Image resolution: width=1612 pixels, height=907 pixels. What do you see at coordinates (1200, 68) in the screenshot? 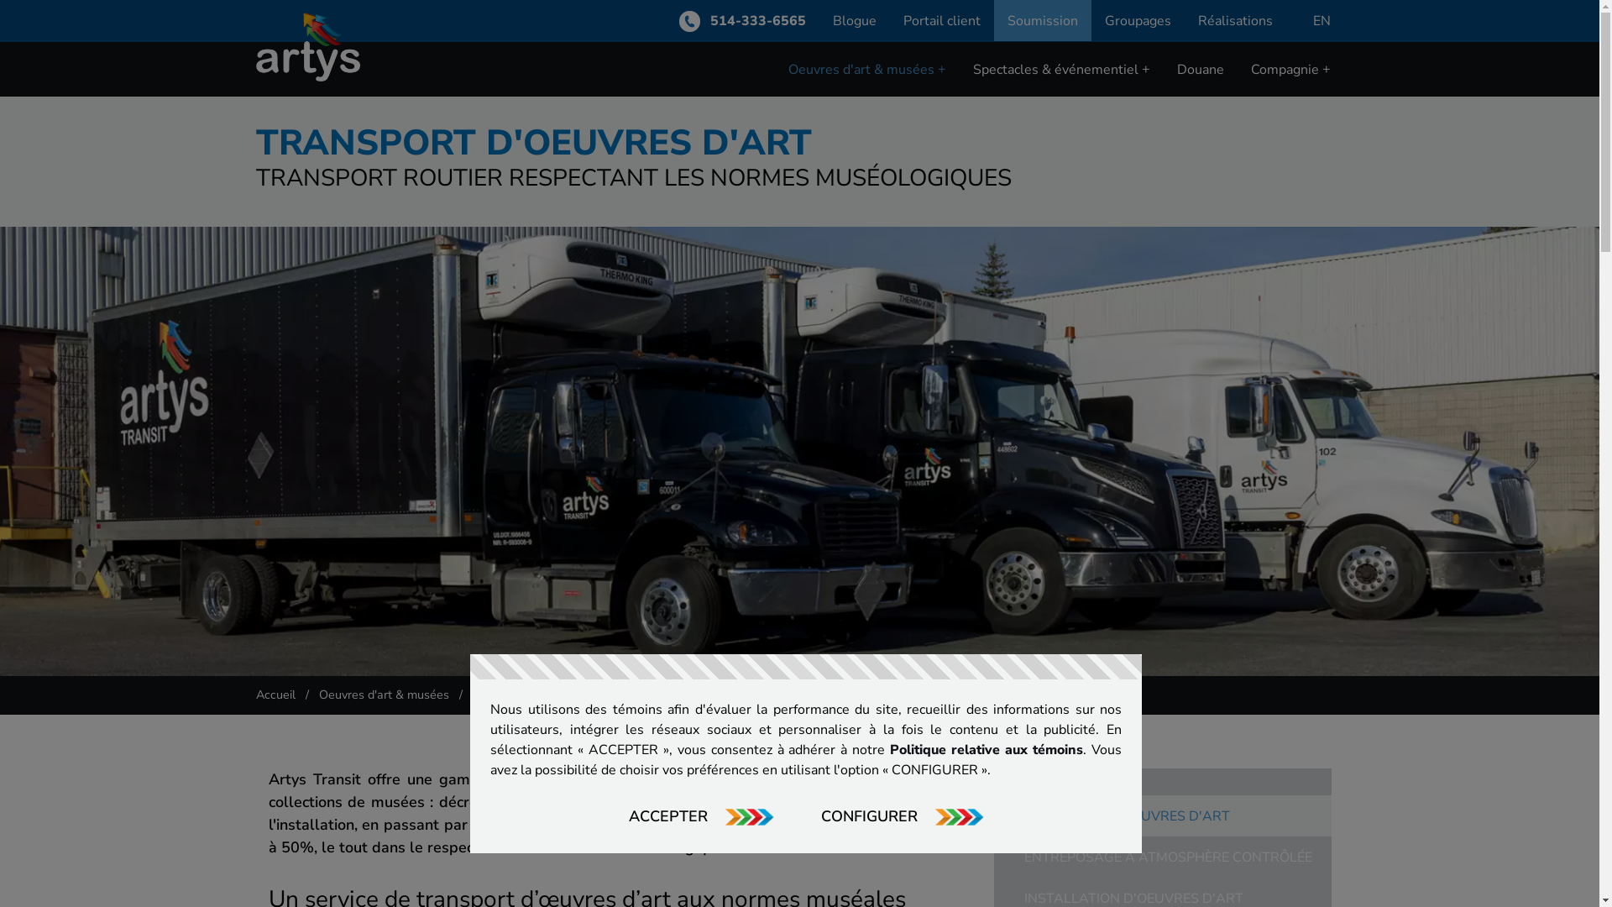
I see `'Douane'` at bounding box center [1200, 68].